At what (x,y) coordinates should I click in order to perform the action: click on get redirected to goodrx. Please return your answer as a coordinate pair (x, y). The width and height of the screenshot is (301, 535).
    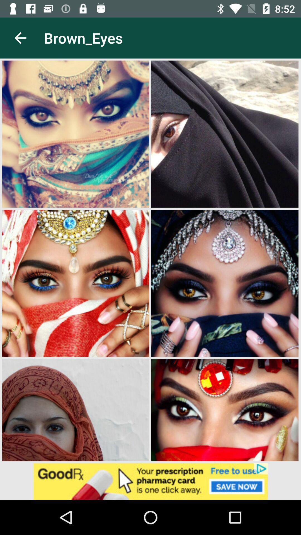
    Looking at the image, I should click on (151, 481).